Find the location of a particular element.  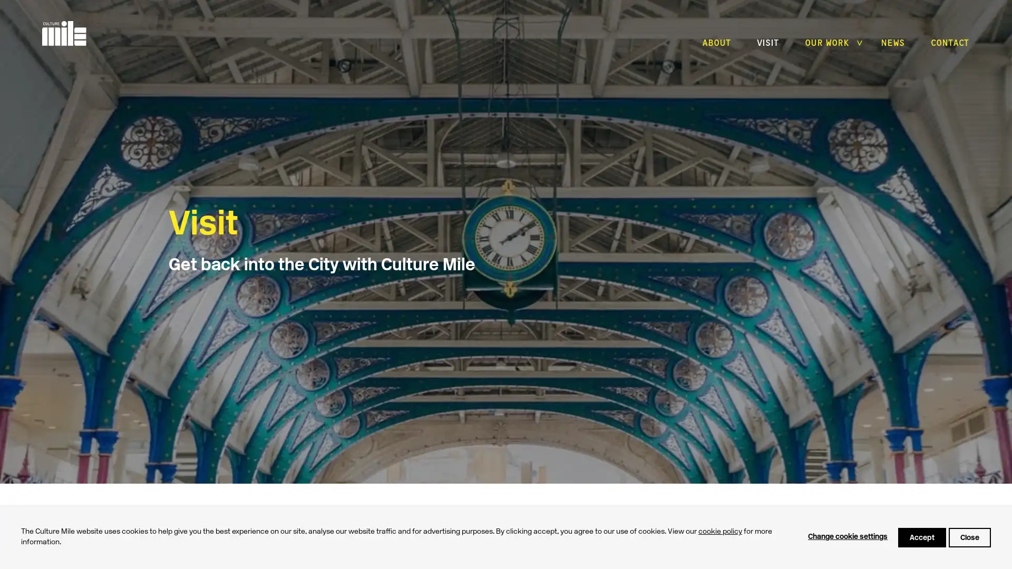

Close is located at coordinates (969, 537).